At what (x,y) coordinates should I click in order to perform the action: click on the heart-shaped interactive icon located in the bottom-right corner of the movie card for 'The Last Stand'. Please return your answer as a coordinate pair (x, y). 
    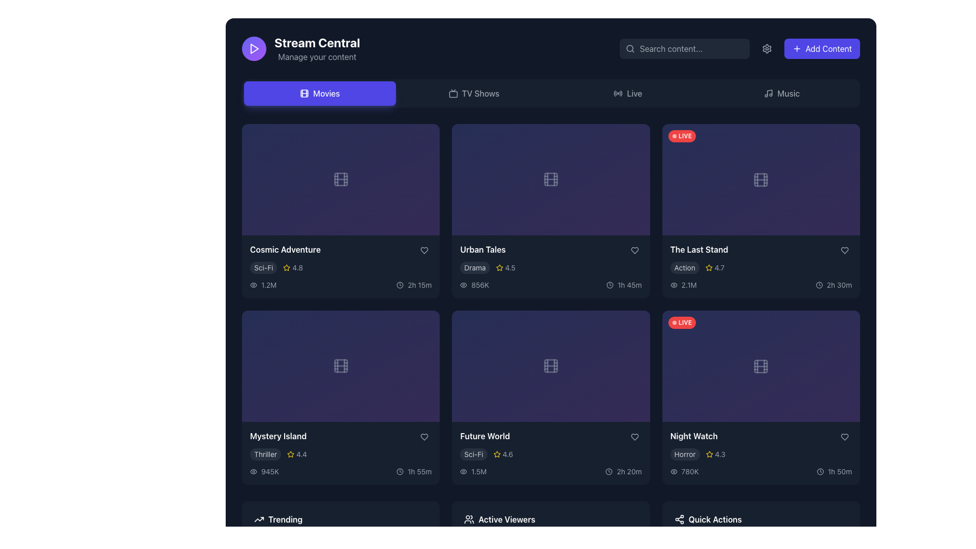
    Looking at the image, I should click on (844, 251).